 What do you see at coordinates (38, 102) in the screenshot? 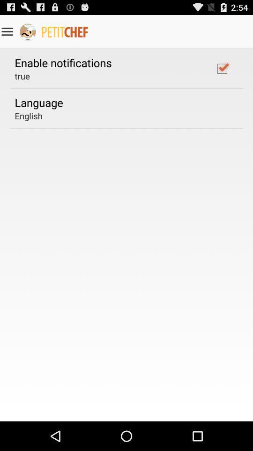
I see `the item above the english app` at bounding box center [38, 102].